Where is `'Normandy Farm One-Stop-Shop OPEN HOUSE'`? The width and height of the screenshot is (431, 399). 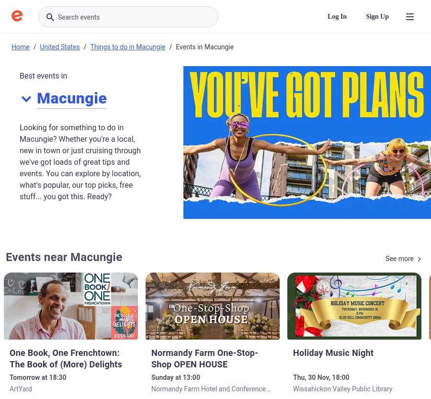 'Normandy Farm One-Stop-Shop OPEN HOUSE' is located at coordinates (204, 358).